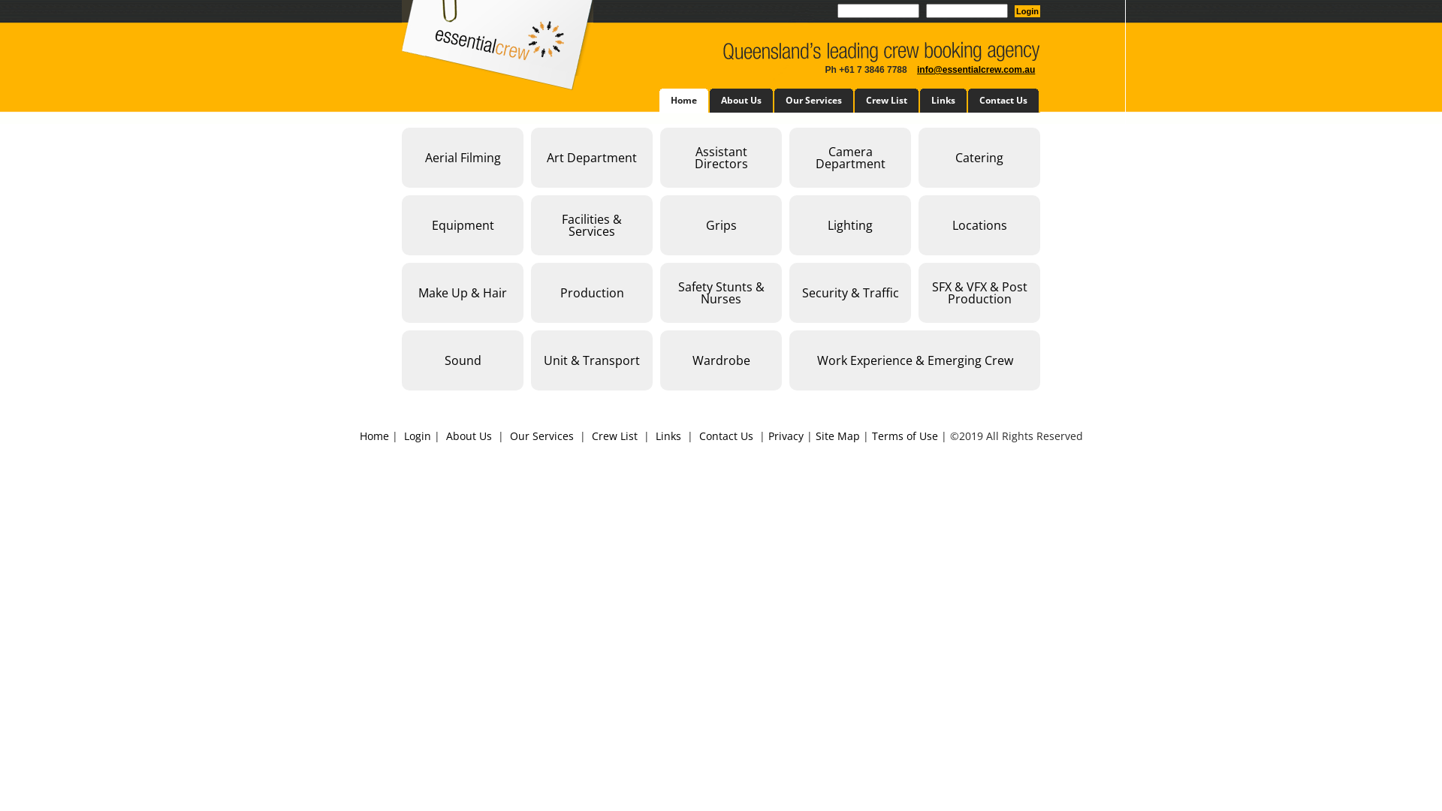 The image size is (1442, 811). I want to click on 'Site Map', so click(837, 436).